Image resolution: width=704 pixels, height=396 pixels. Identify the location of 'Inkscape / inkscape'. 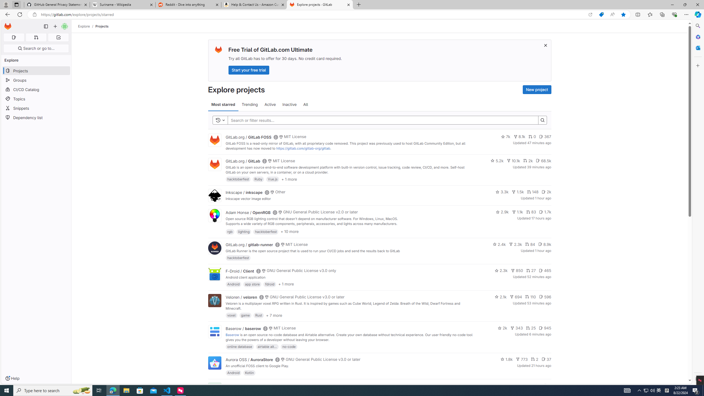
(244, 192).